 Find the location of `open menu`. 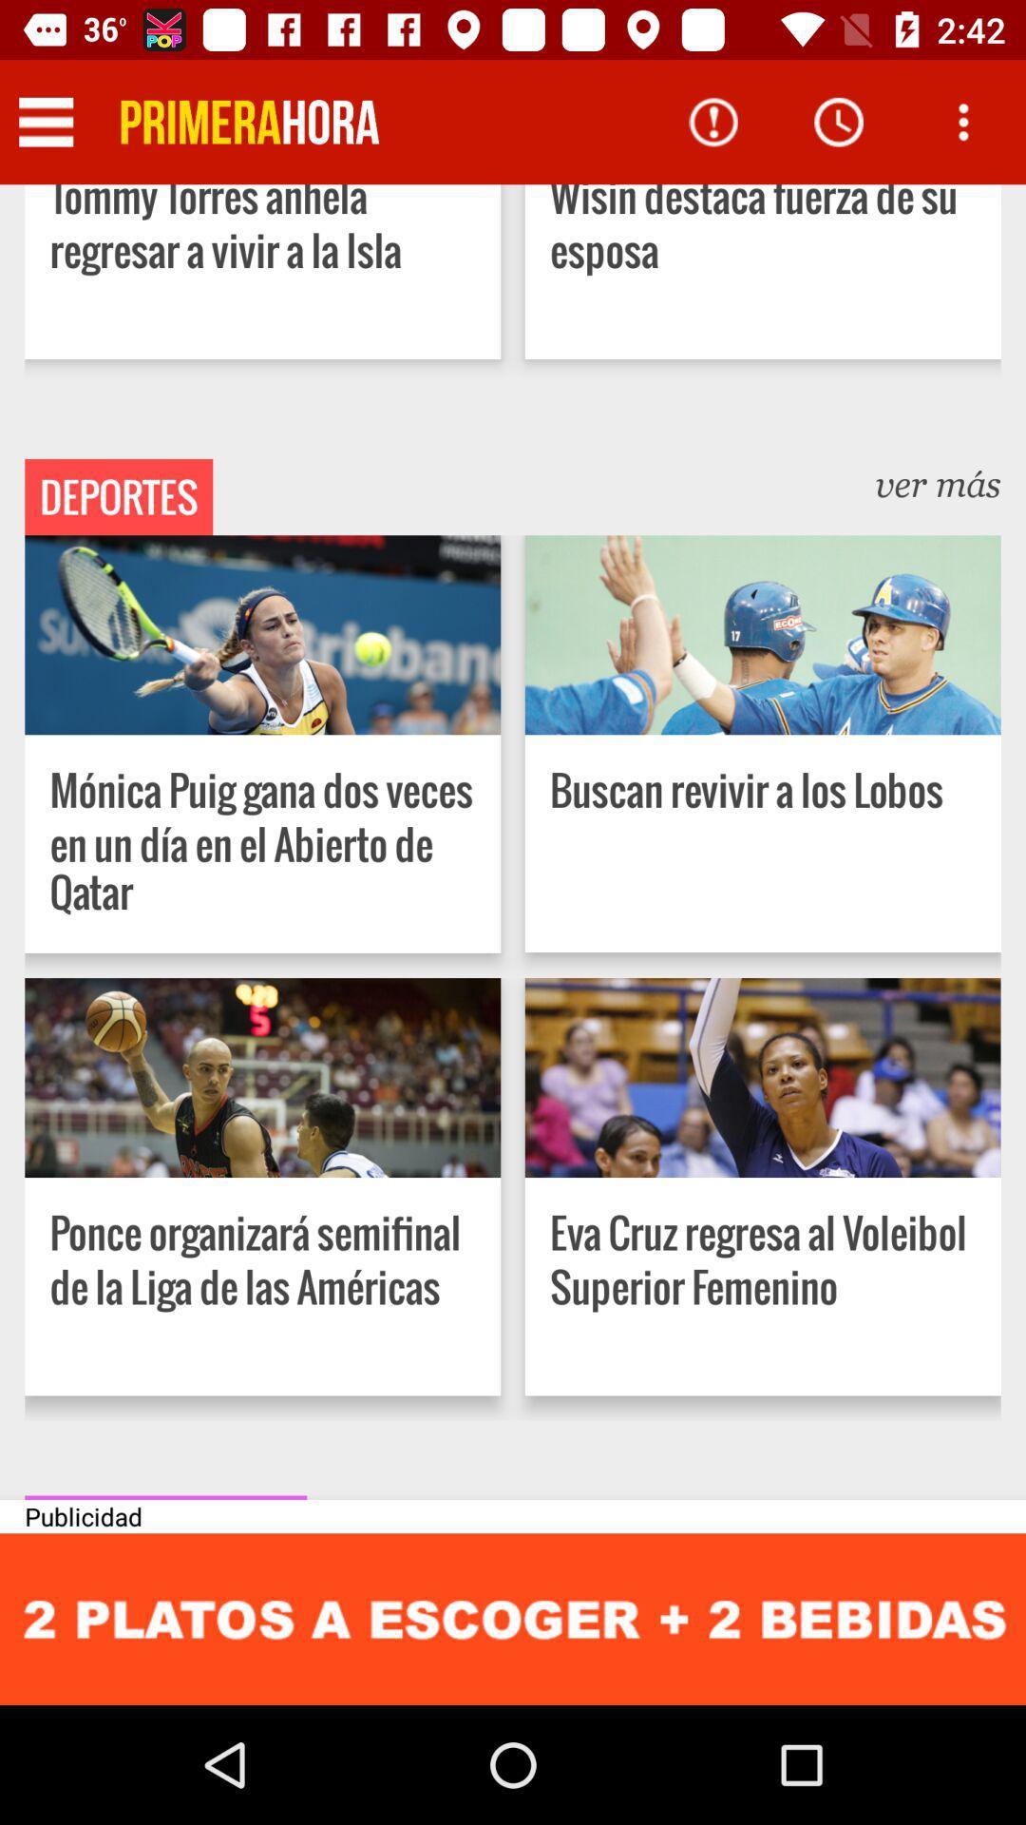

open menu is located at coordinates (963, 121).